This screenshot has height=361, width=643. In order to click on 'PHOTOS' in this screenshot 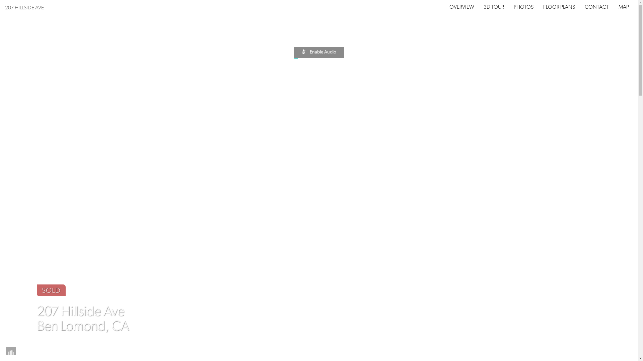, I will do `click(523, 7)`.